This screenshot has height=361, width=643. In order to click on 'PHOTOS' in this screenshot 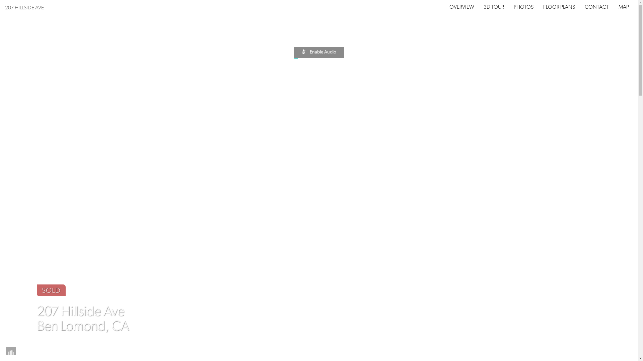, I will do `click(523, 7)`.